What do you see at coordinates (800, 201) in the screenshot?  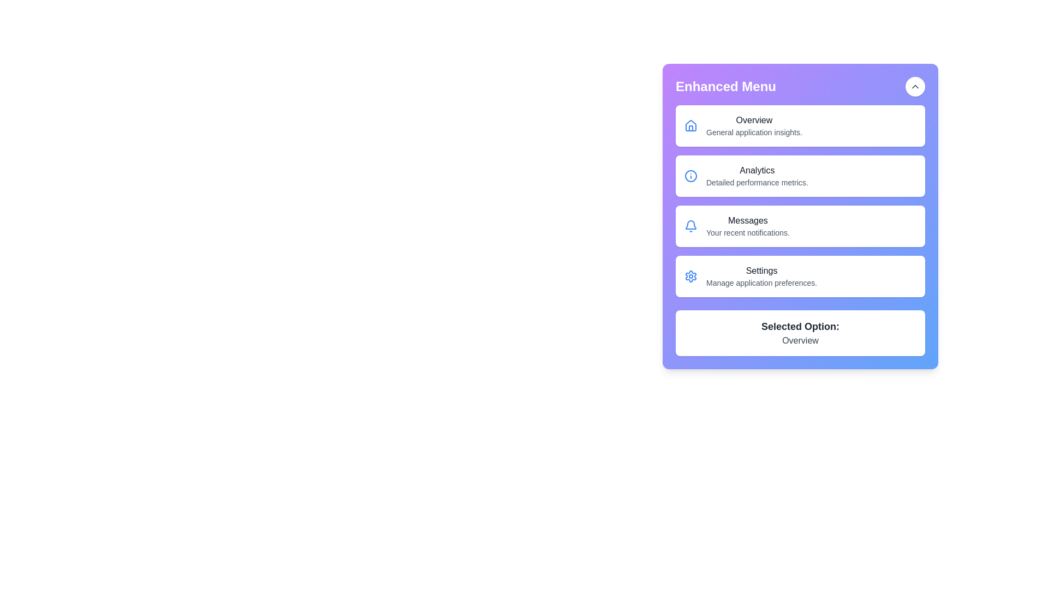 I see `the 'Messages' menu item in the Enhanced Menu, which is the third item with a description of 'Your recent notifications'` at bounding box center [800, 201].